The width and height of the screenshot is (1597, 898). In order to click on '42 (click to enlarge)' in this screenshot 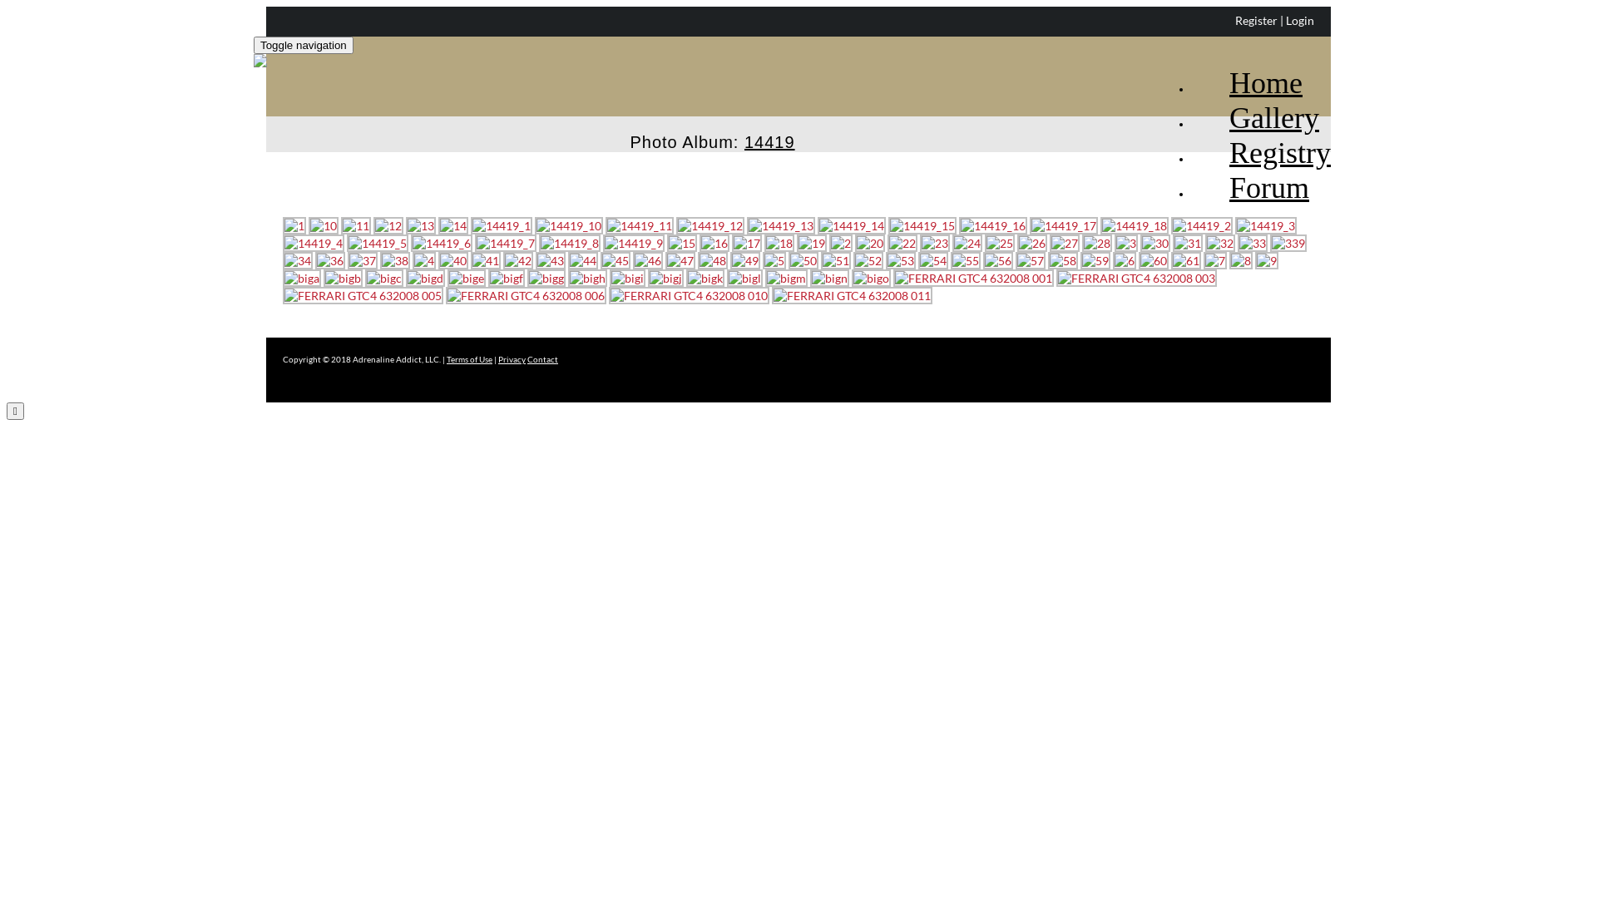, I will do `click(517, 260)`.